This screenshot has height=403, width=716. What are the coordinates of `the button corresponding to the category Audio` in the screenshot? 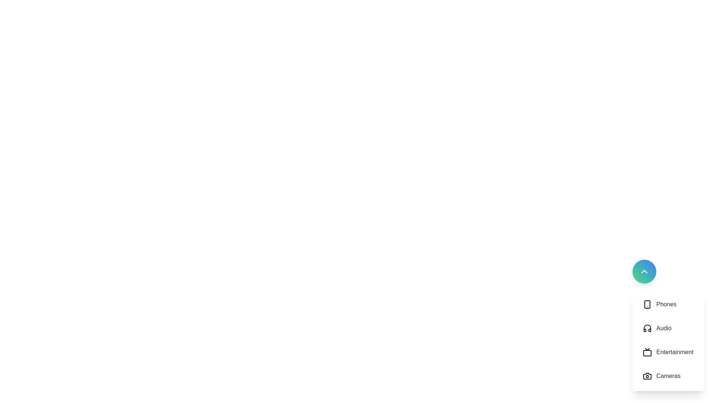 It's located at (668, 328).